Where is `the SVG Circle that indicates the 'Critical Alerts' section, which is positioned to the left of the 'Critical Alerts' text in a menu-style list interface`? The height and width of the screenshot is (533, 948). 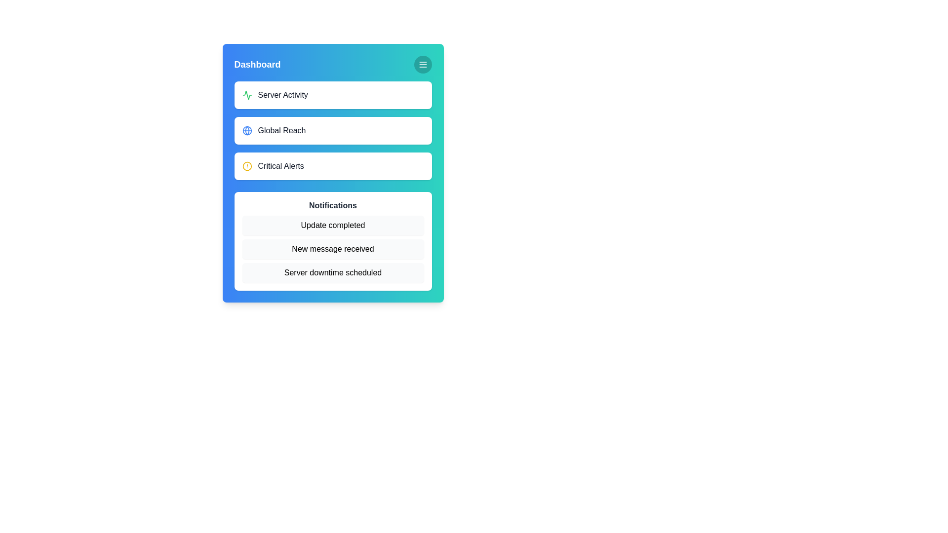
the SVG Circle that indicates the 'Critical Alerts' section, which is positioned to the left of the 'Critical Alerts' text in a menu-style list interface is located at coordinates (247, 165).